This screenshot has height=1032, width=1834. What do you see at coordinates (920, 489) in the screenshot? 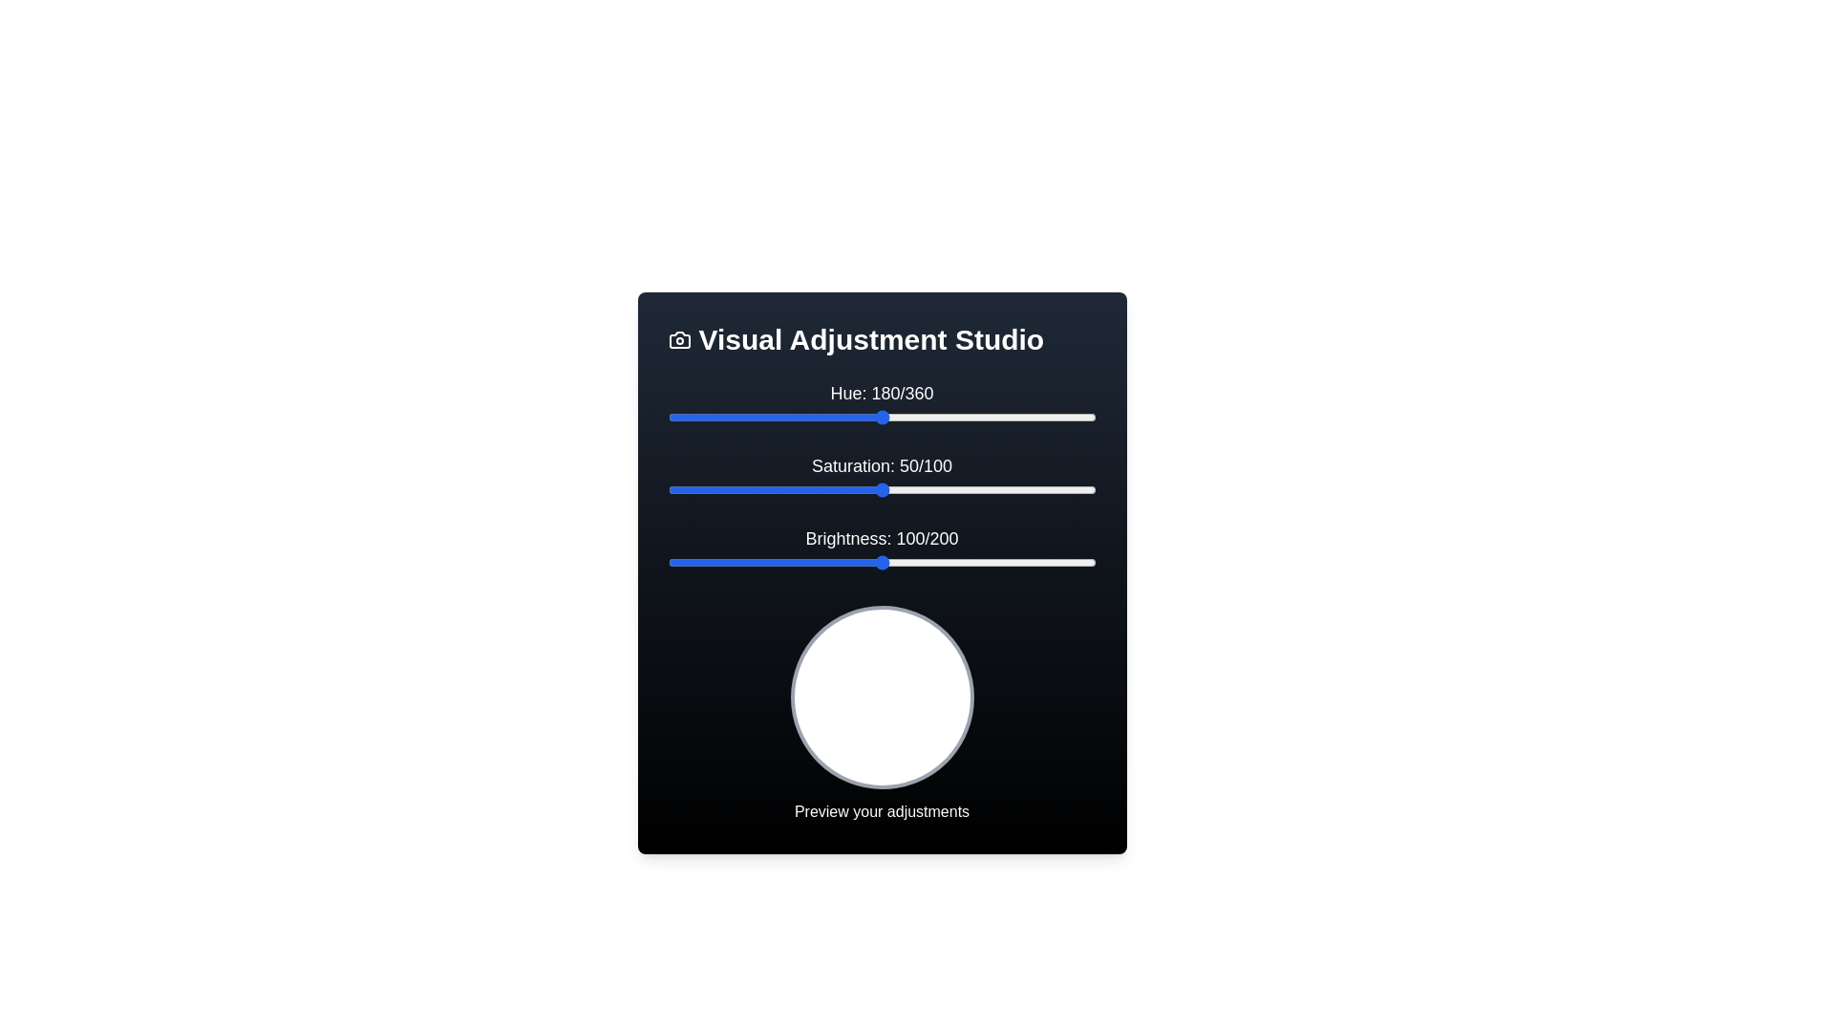
I see `the 'Saturation' slider to 59 within its range` at bounding box center [920, 489].